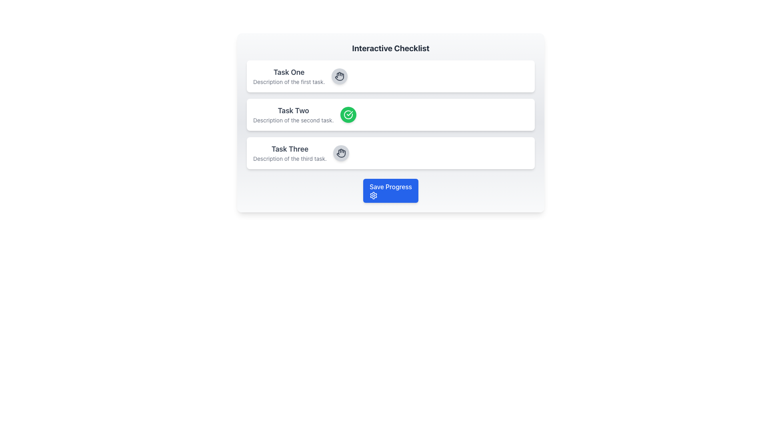  Describe the element at coordinates (341, 153) in the screenshot. I see `the circular button with a hand icon located at the end of the list item labeled 'Task Three'` at that location.